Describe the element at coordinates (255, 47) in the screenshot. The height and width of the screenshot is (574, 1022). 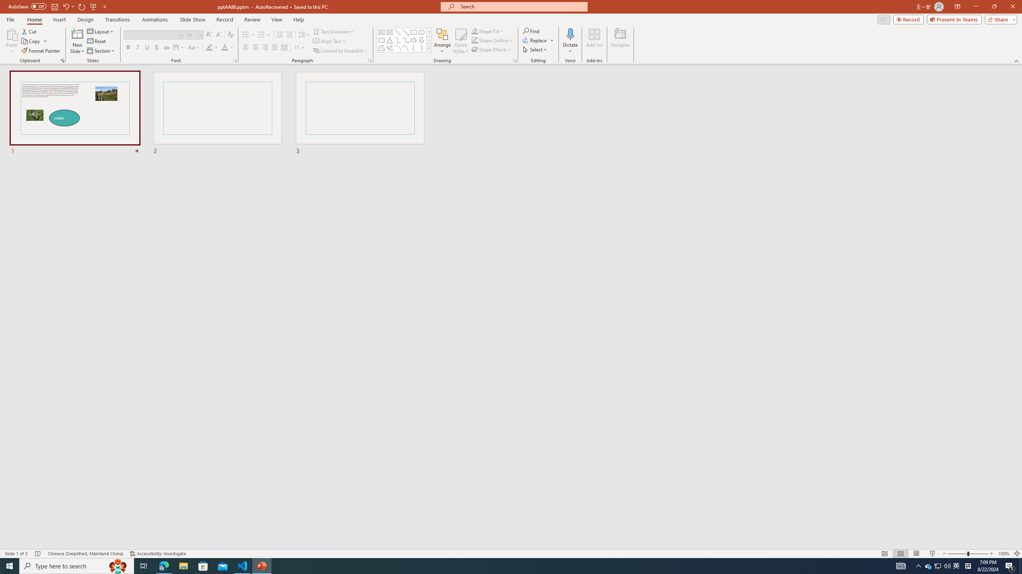
I see `'Center'` at that location.